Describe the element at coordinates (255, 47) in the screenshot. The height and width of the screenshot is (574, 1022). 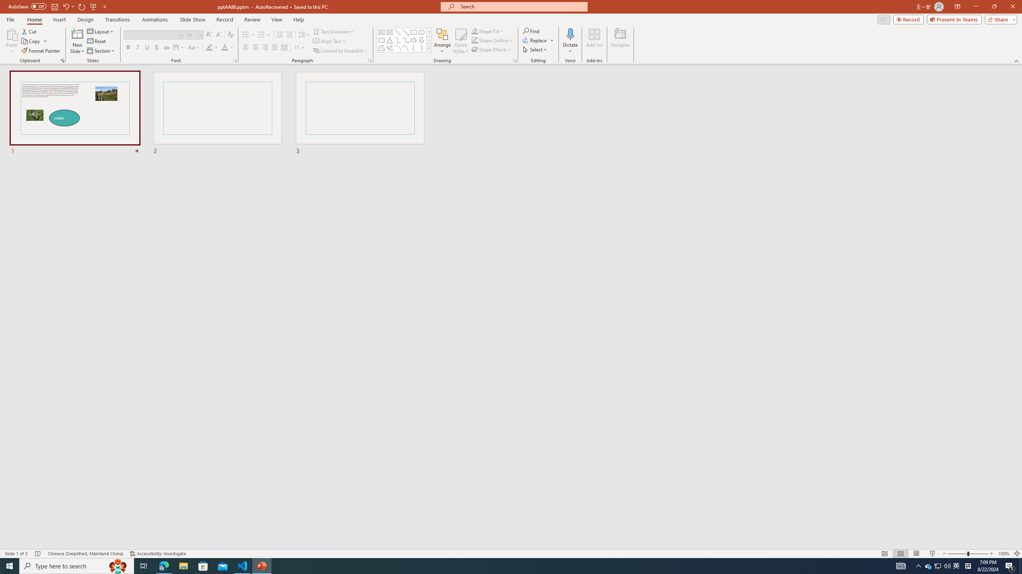
I see `'Center'` at that location.